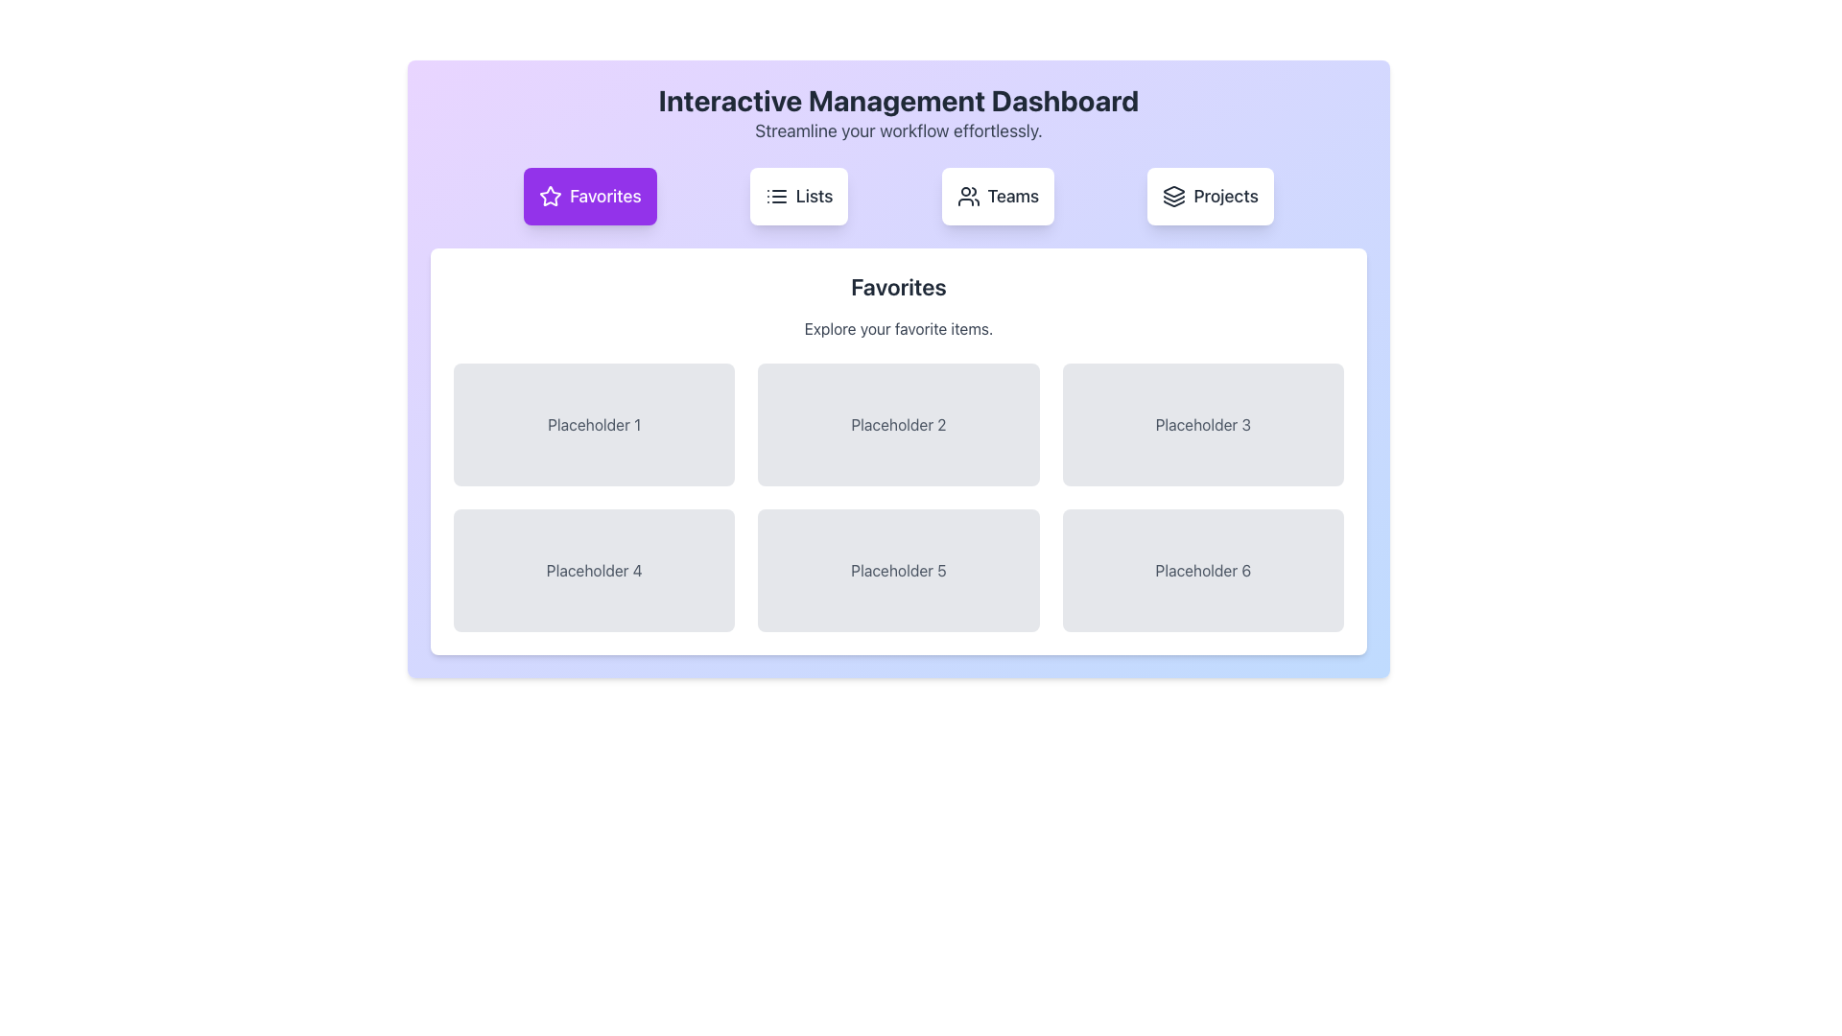 Image resolution: width=1842 pixels, height=1036 pixels. I want to click on the text label displaying 'Interactive Management Dashboard' which is styled in bold, large font and located at the top center of the interface, so click(897, 100).